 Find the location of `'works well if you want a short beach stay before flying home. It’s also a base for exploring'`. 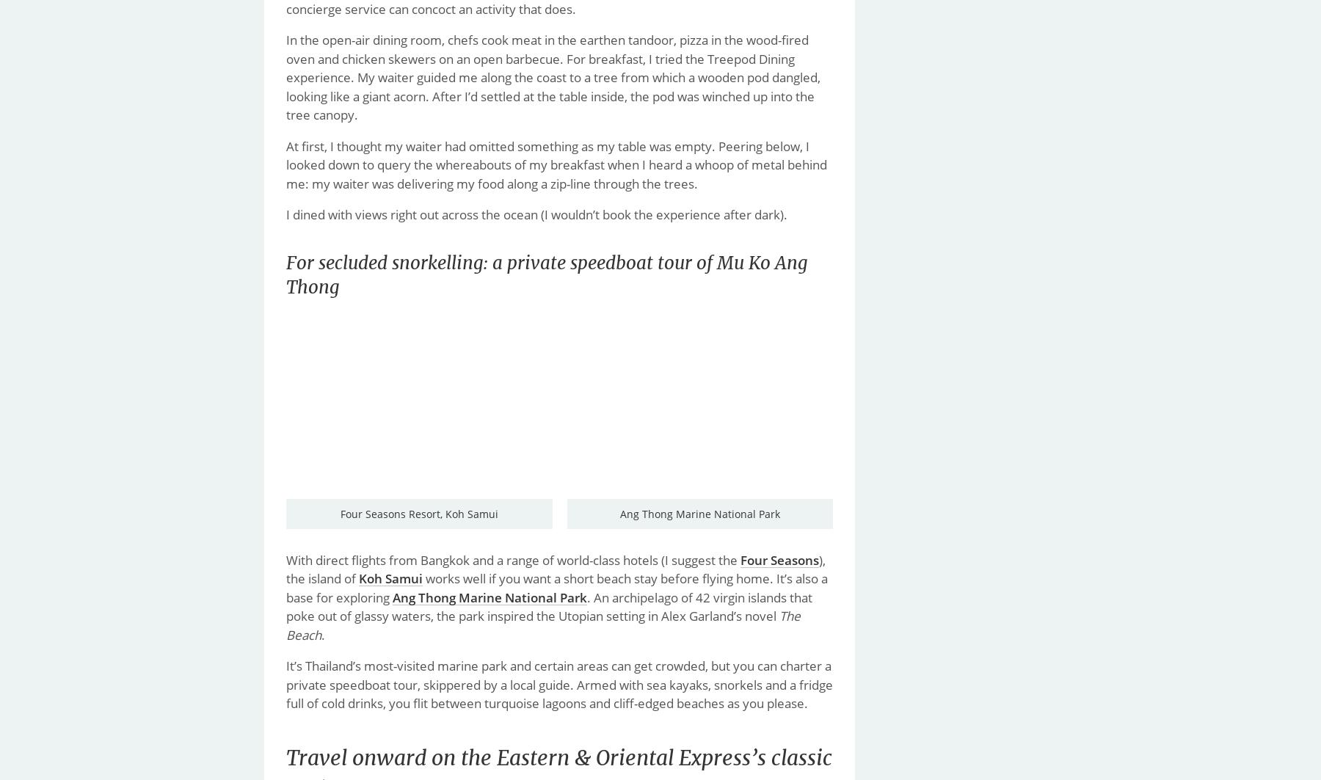

'works well if you want a short beach stay before flying home. It’s also a base for exploring' is located at coordinates (286, 586).